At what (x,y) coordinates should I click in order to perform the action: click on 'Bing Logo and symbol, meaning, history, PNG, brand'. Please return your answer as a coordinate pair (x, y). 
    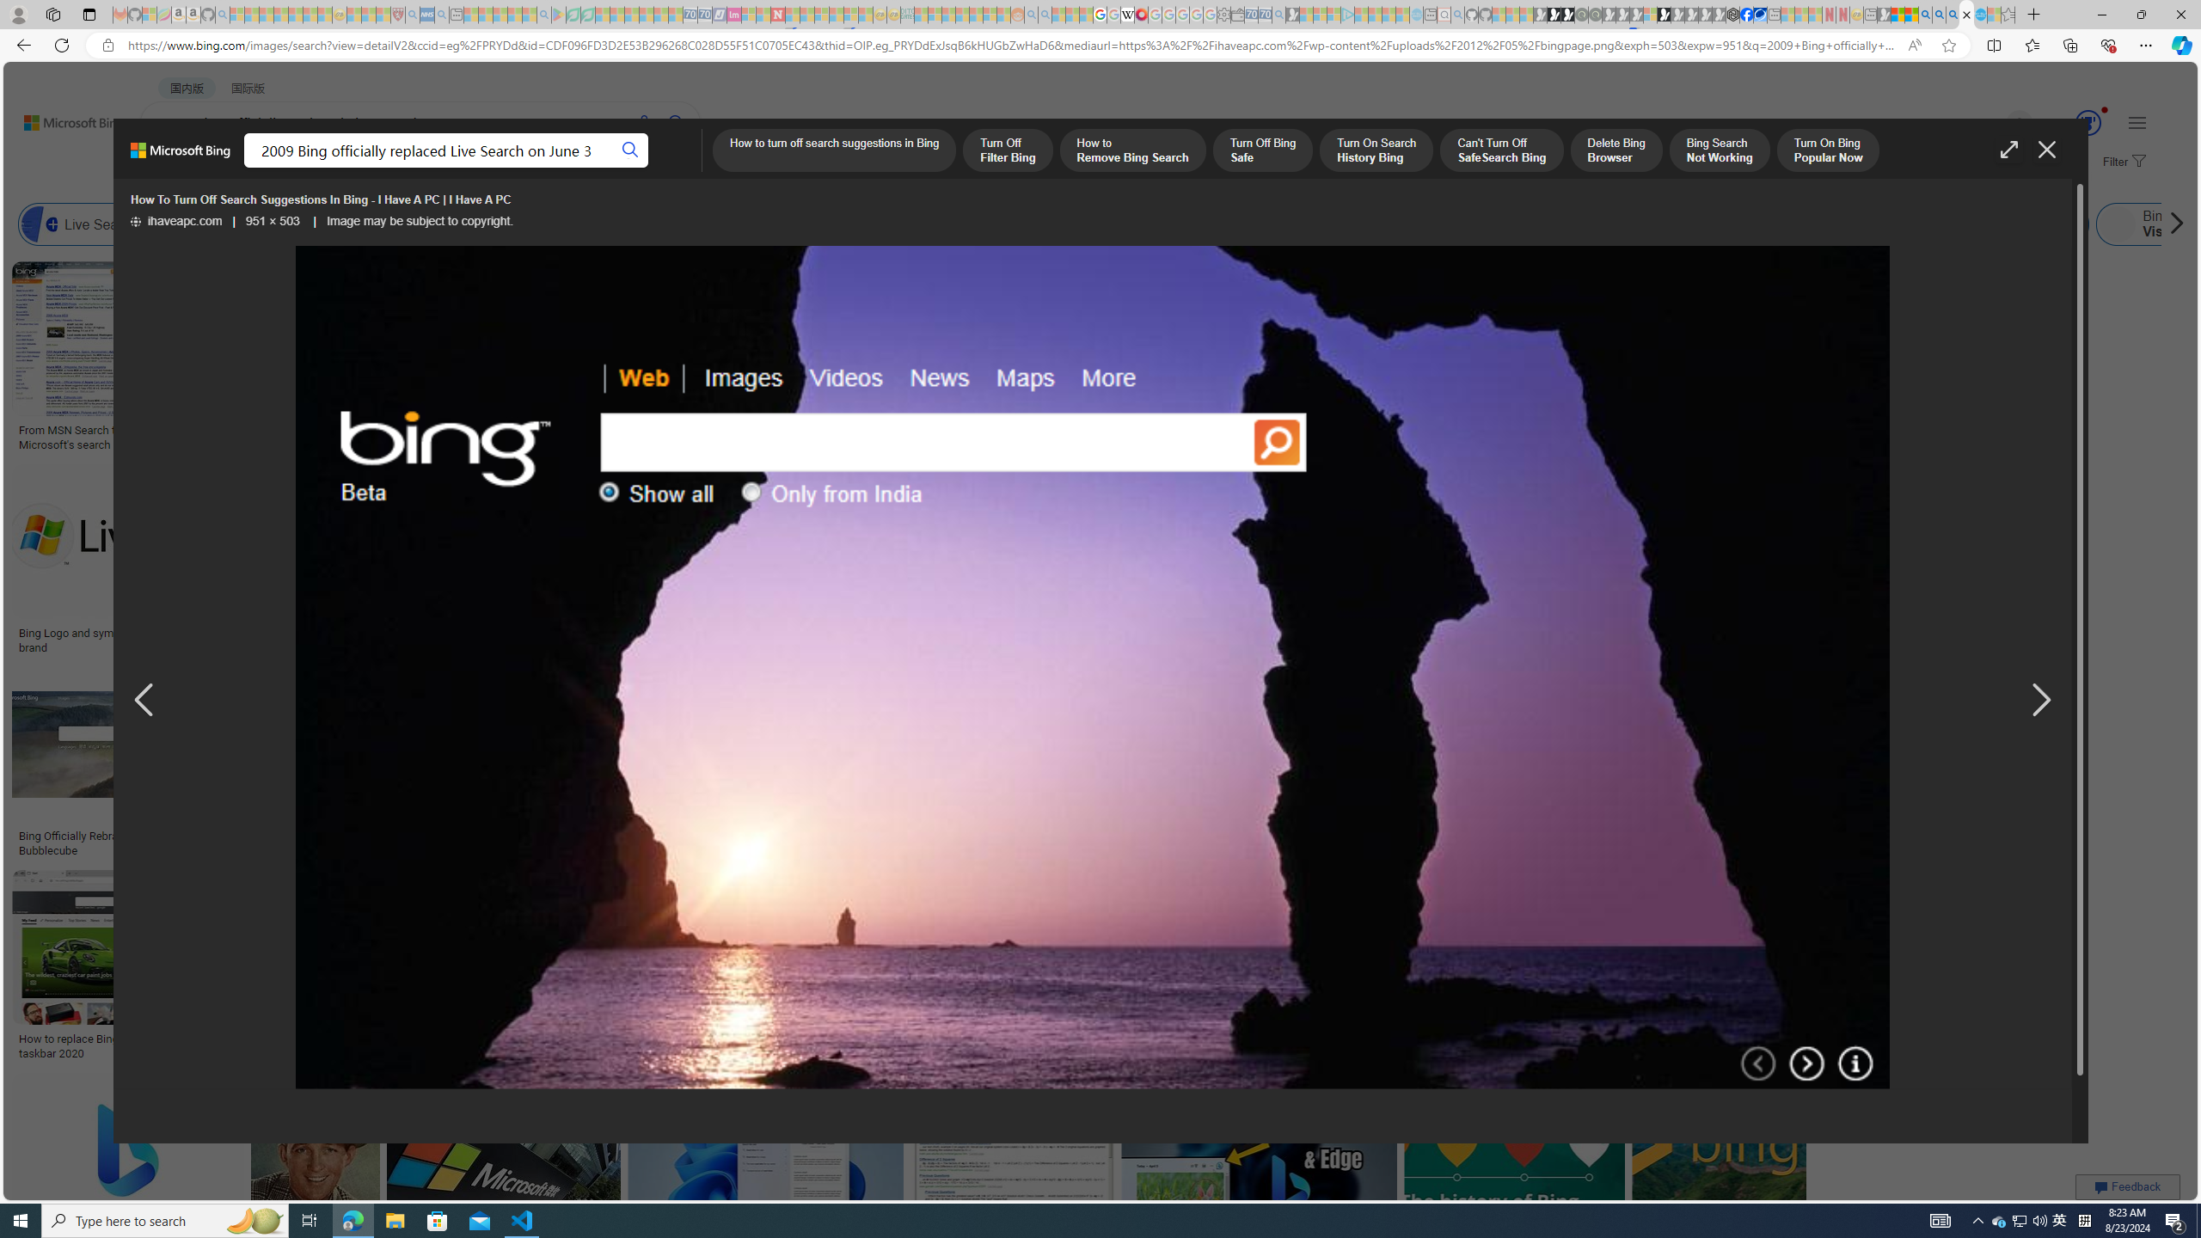
    Looking at the image, I should click on (147, 640).